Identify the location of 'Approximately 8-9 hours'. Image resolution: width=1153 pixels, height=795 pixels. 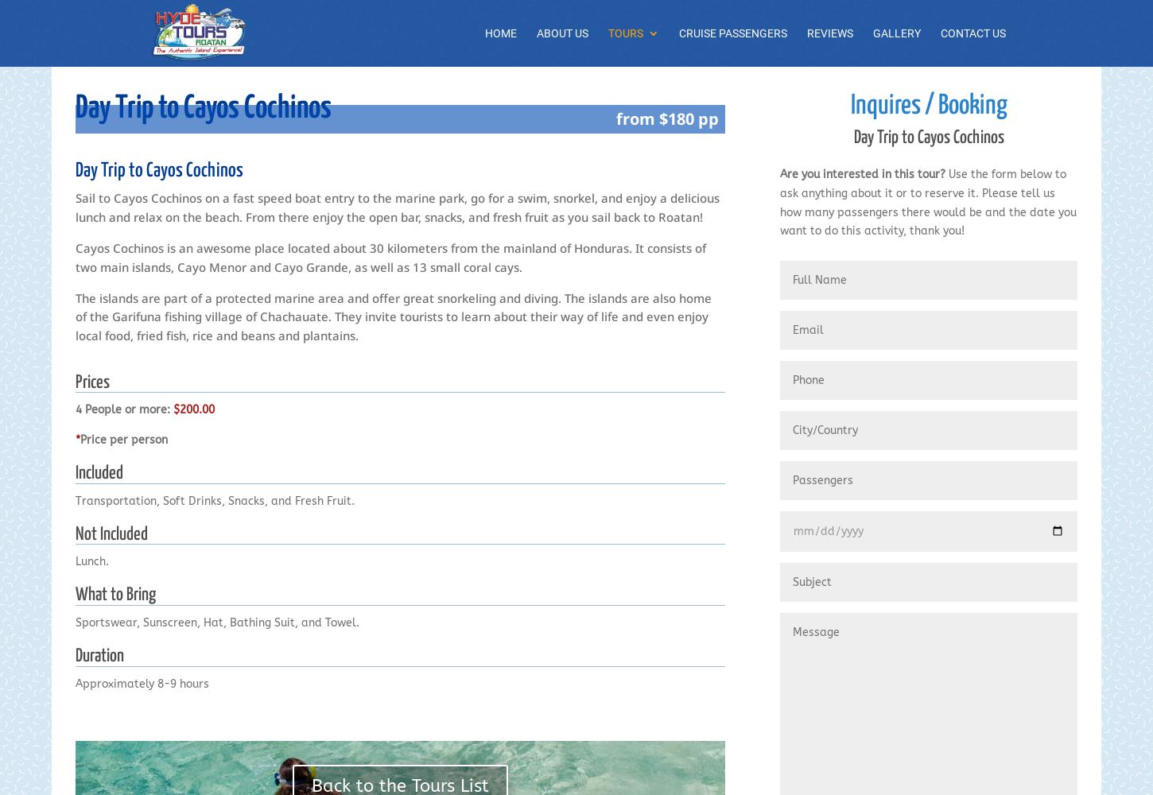
(141, 682).